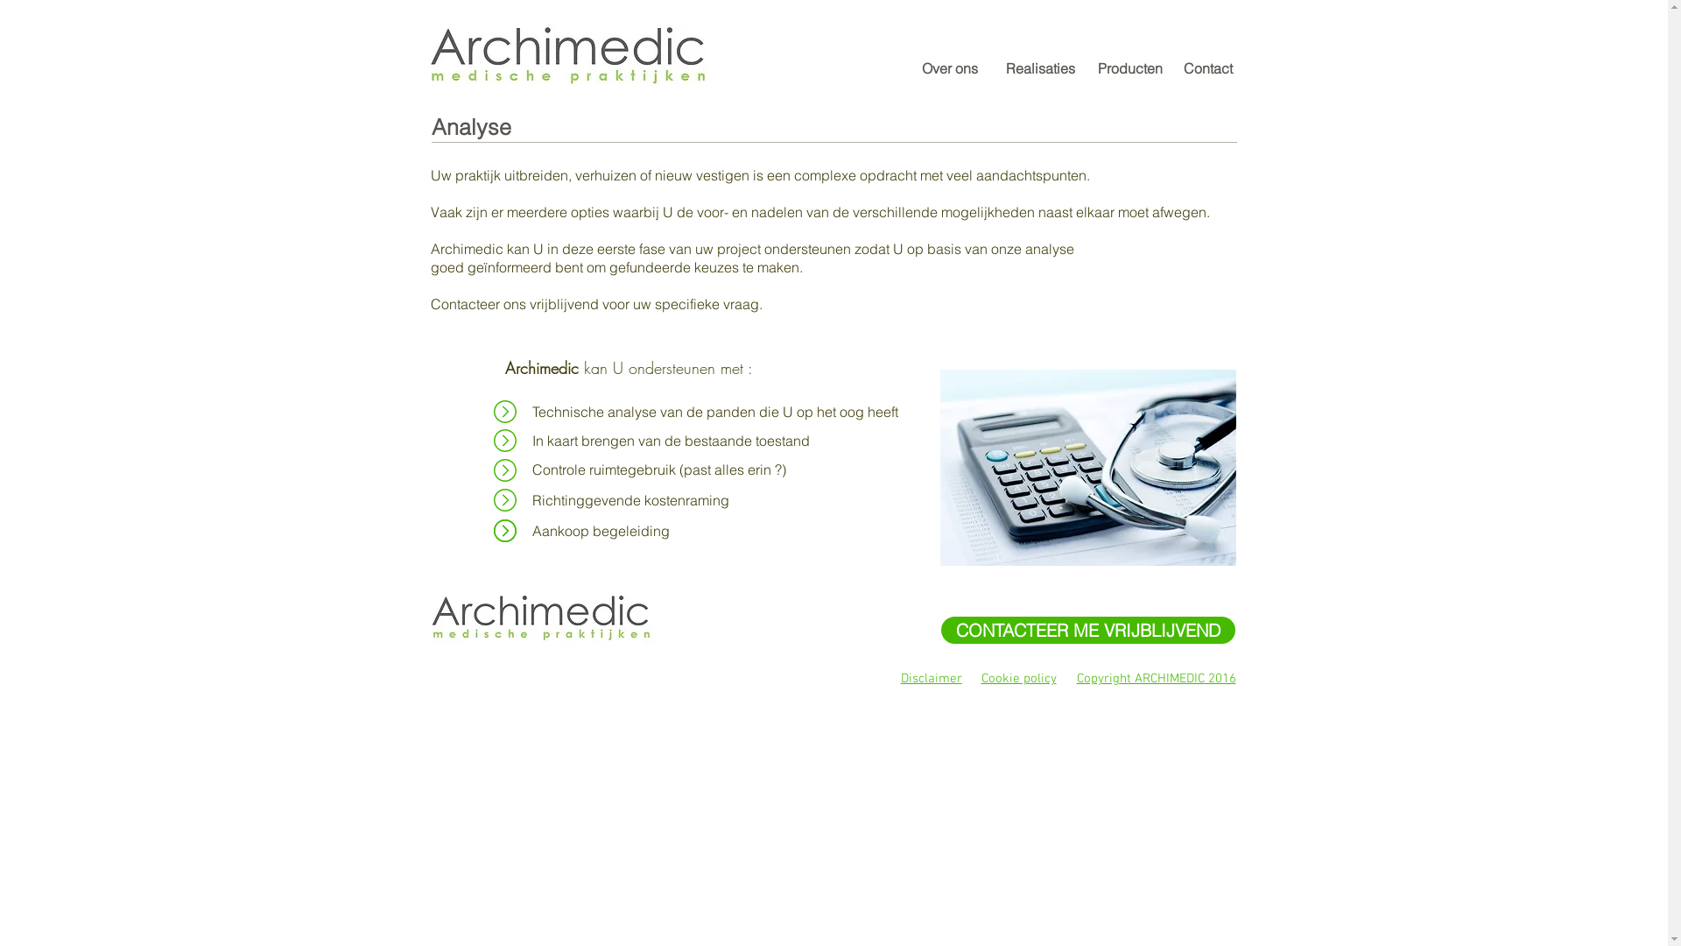 The height and width of the screenshot is (946, 1681). I want to click on 'Contact', so click(1206, 67).